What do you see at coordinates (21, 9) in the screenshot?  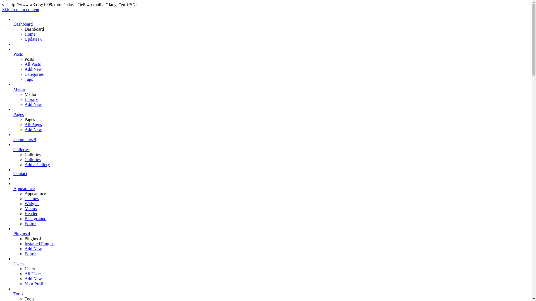 I see `'Skip to main content'` at bounding box center [21, 9].